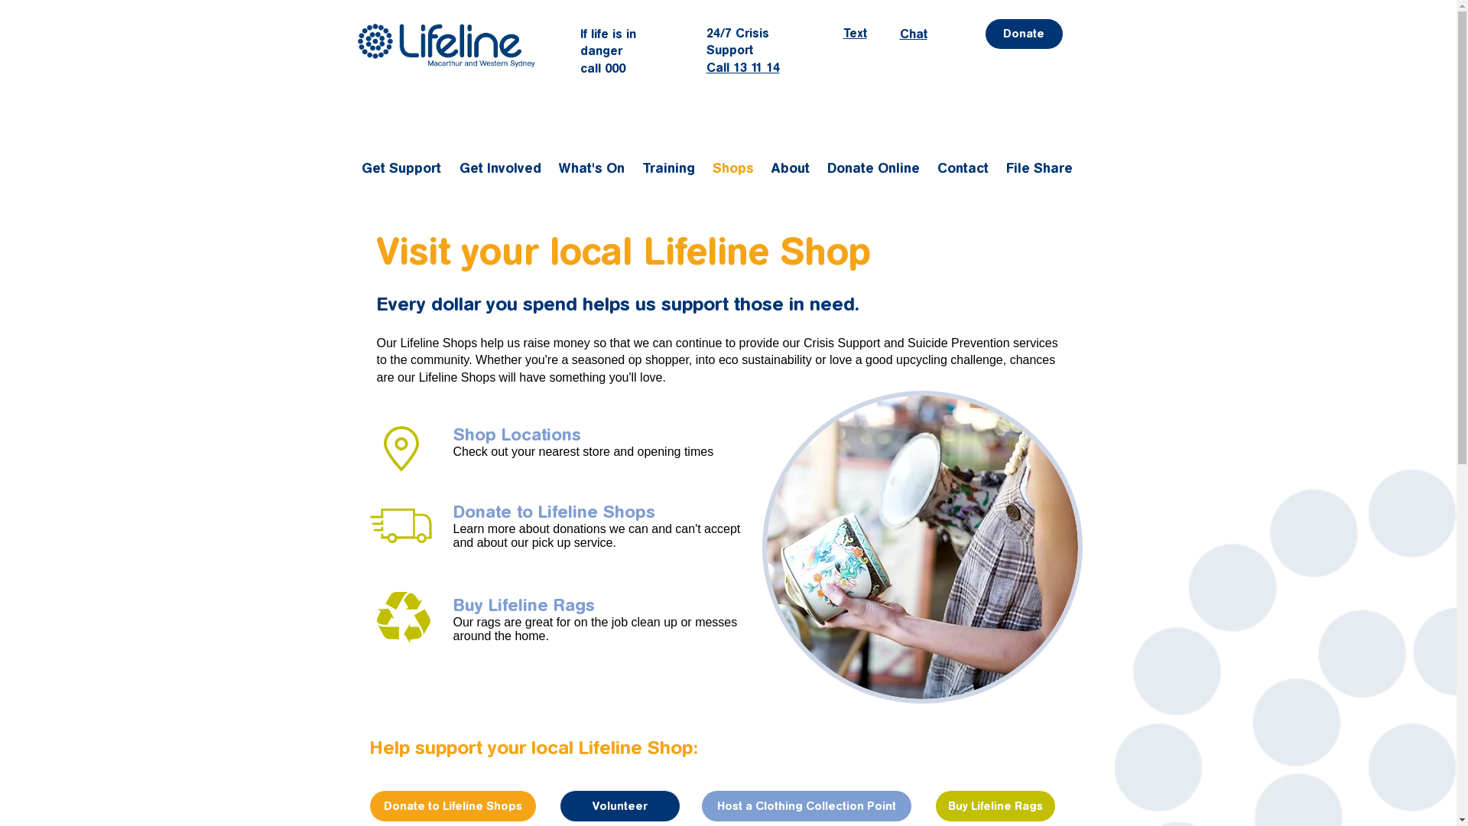 The width and height of the screenshot is (1468, 826). What do you see at coordinates (995, 805) in the screenshot?
I see `'Buy Lifeline Rags'` at bounding box center [995, 805].